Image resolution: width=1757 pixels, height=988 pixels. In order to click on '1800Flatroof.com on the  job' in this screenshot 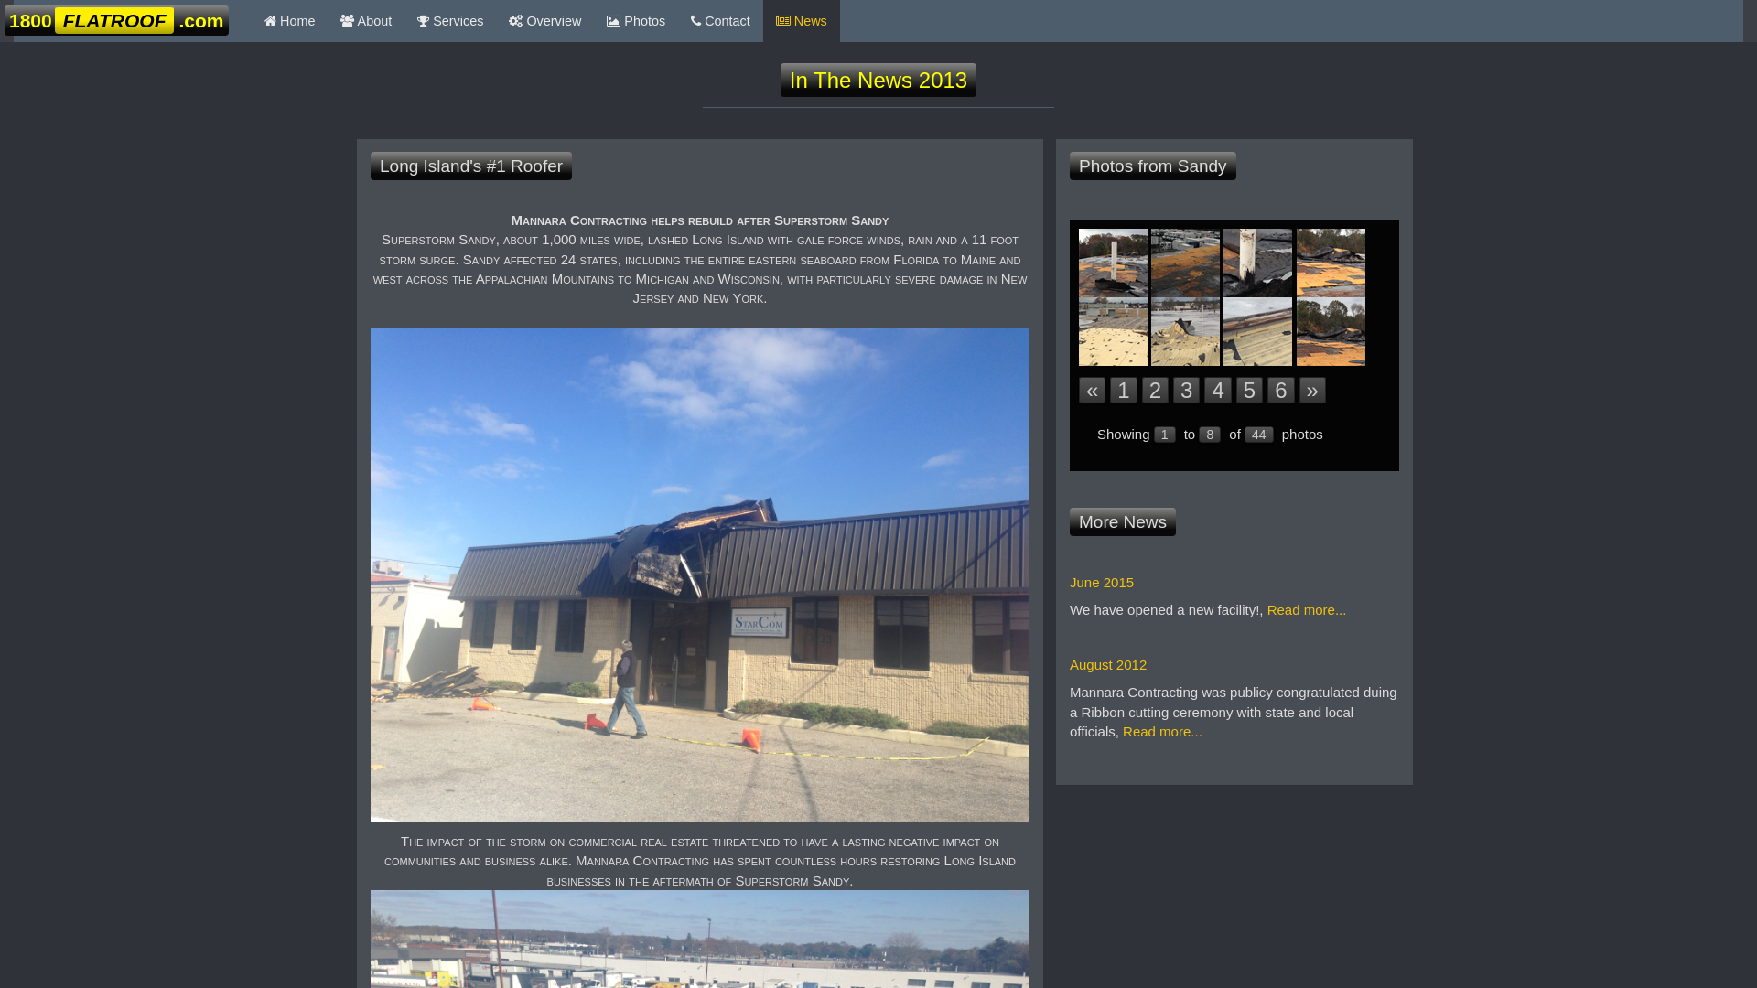, I will do `click(1079, 329)`.